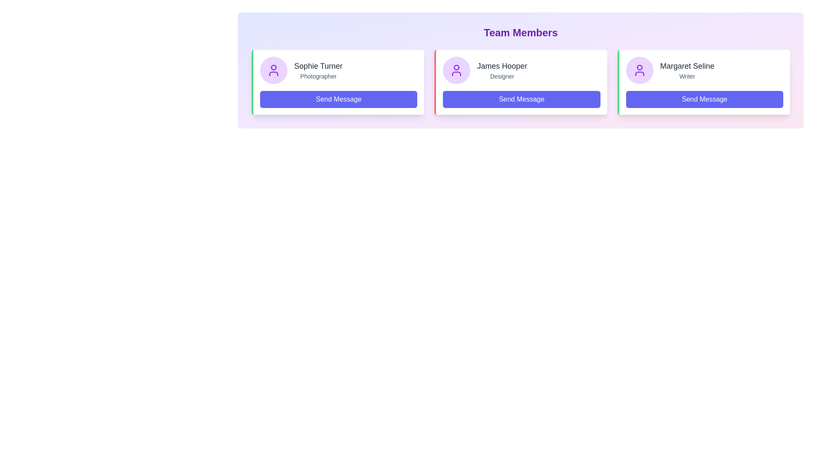  Describe the element at coordinates (687, 76) in the screenshot. I see `the 'Writer' label located below the name 'Margaret Seline' in her profile card, which is center-aligned and in a small, light gray font` at that location.